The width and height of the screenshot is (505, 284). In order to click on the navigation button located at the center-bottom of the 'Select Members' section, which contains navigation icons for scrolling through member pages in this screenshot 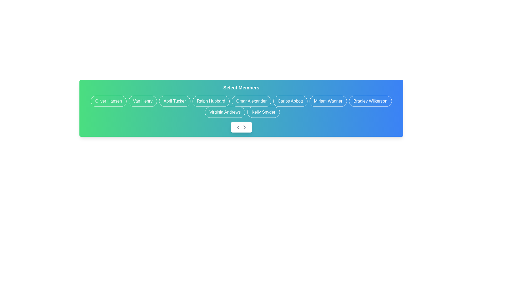, I will do `click(241, 127)`.